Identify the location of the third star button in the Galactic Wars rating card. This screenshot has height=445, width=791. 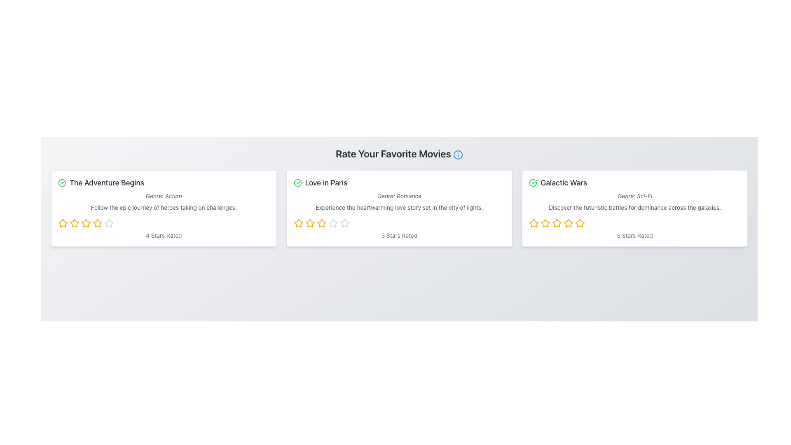
(545, 223).